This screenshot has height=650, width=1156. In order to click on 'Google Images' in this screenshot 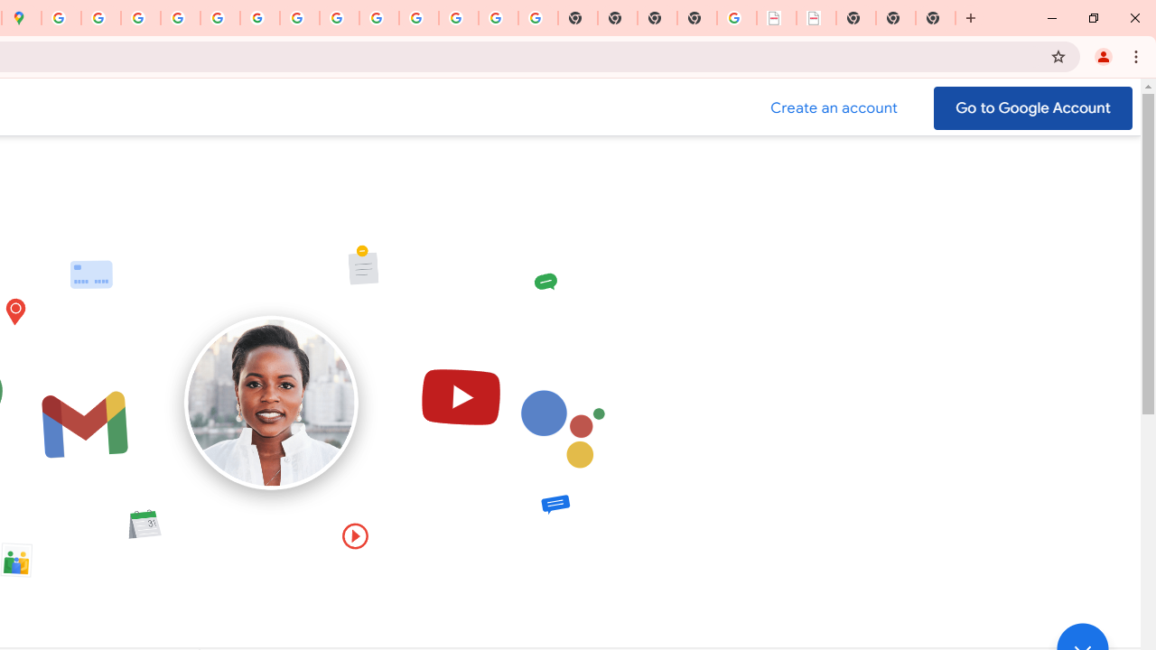, I will do `click(536, 18)`.